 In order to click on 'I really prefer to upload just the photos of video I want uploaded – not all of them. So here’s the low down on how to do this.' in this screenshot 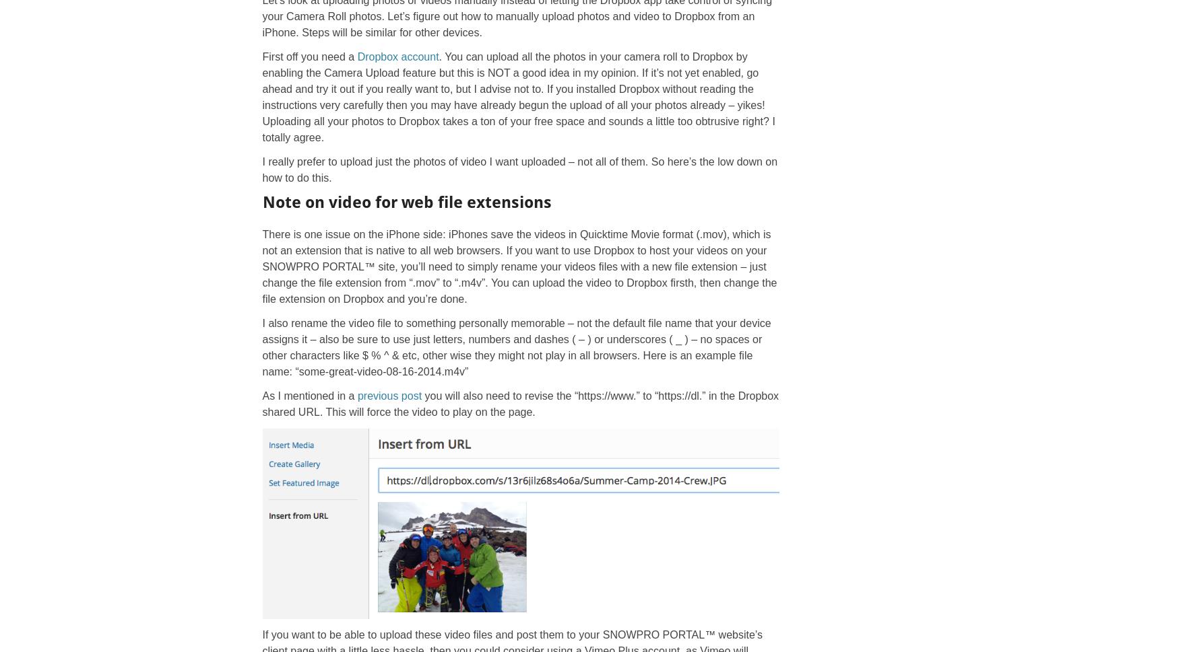, I will do `click(261, 169)`.